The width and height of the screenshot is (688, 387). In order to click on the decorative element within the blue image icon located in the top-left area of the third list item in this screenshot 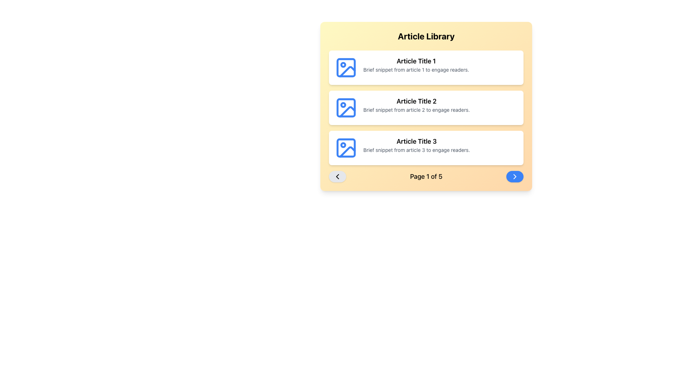, I will do `click(346, 147)`.